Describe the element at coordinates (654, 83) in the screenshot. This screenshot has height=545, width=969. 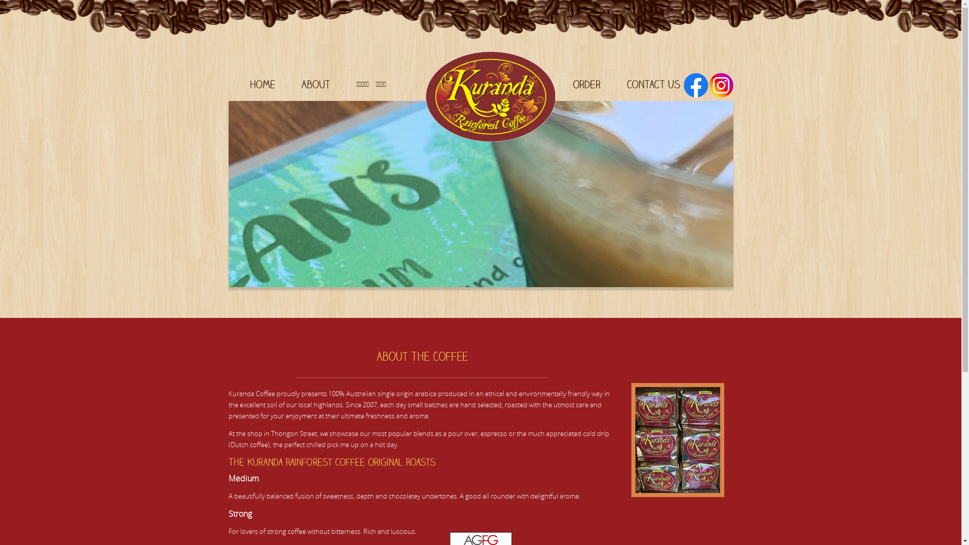
I see `'Contact Us'` at that location.